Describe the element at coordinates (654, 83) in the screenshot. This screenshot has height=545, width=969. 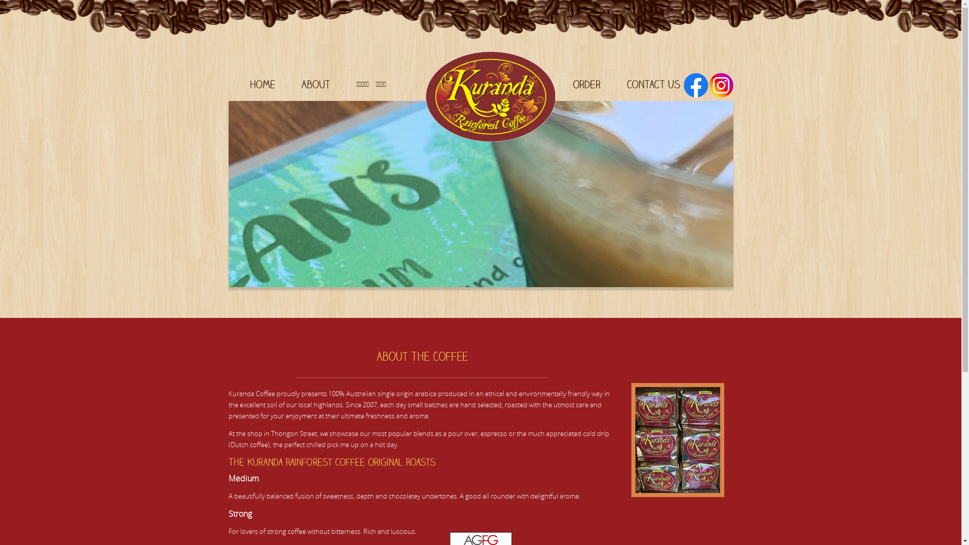
I see `'Contact Us'` at that location.